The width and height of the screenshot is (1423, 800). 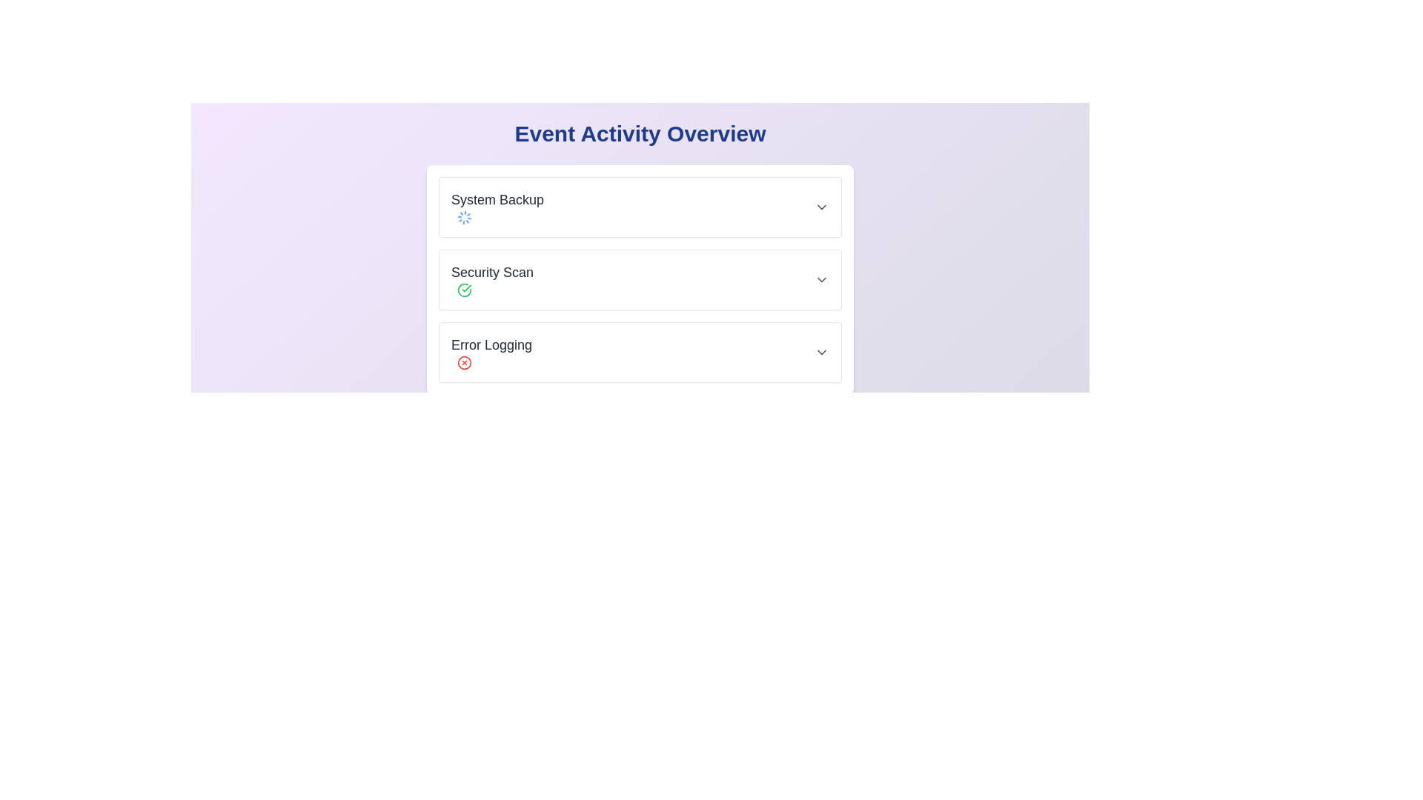 What do you see at coordinates (640, 134) in the screenshot?
I see `text from the header element that displays 'Event Activity Overview', which is prominently styled in dark blue and located at the top of the interface` at bounding box center [640, 134].